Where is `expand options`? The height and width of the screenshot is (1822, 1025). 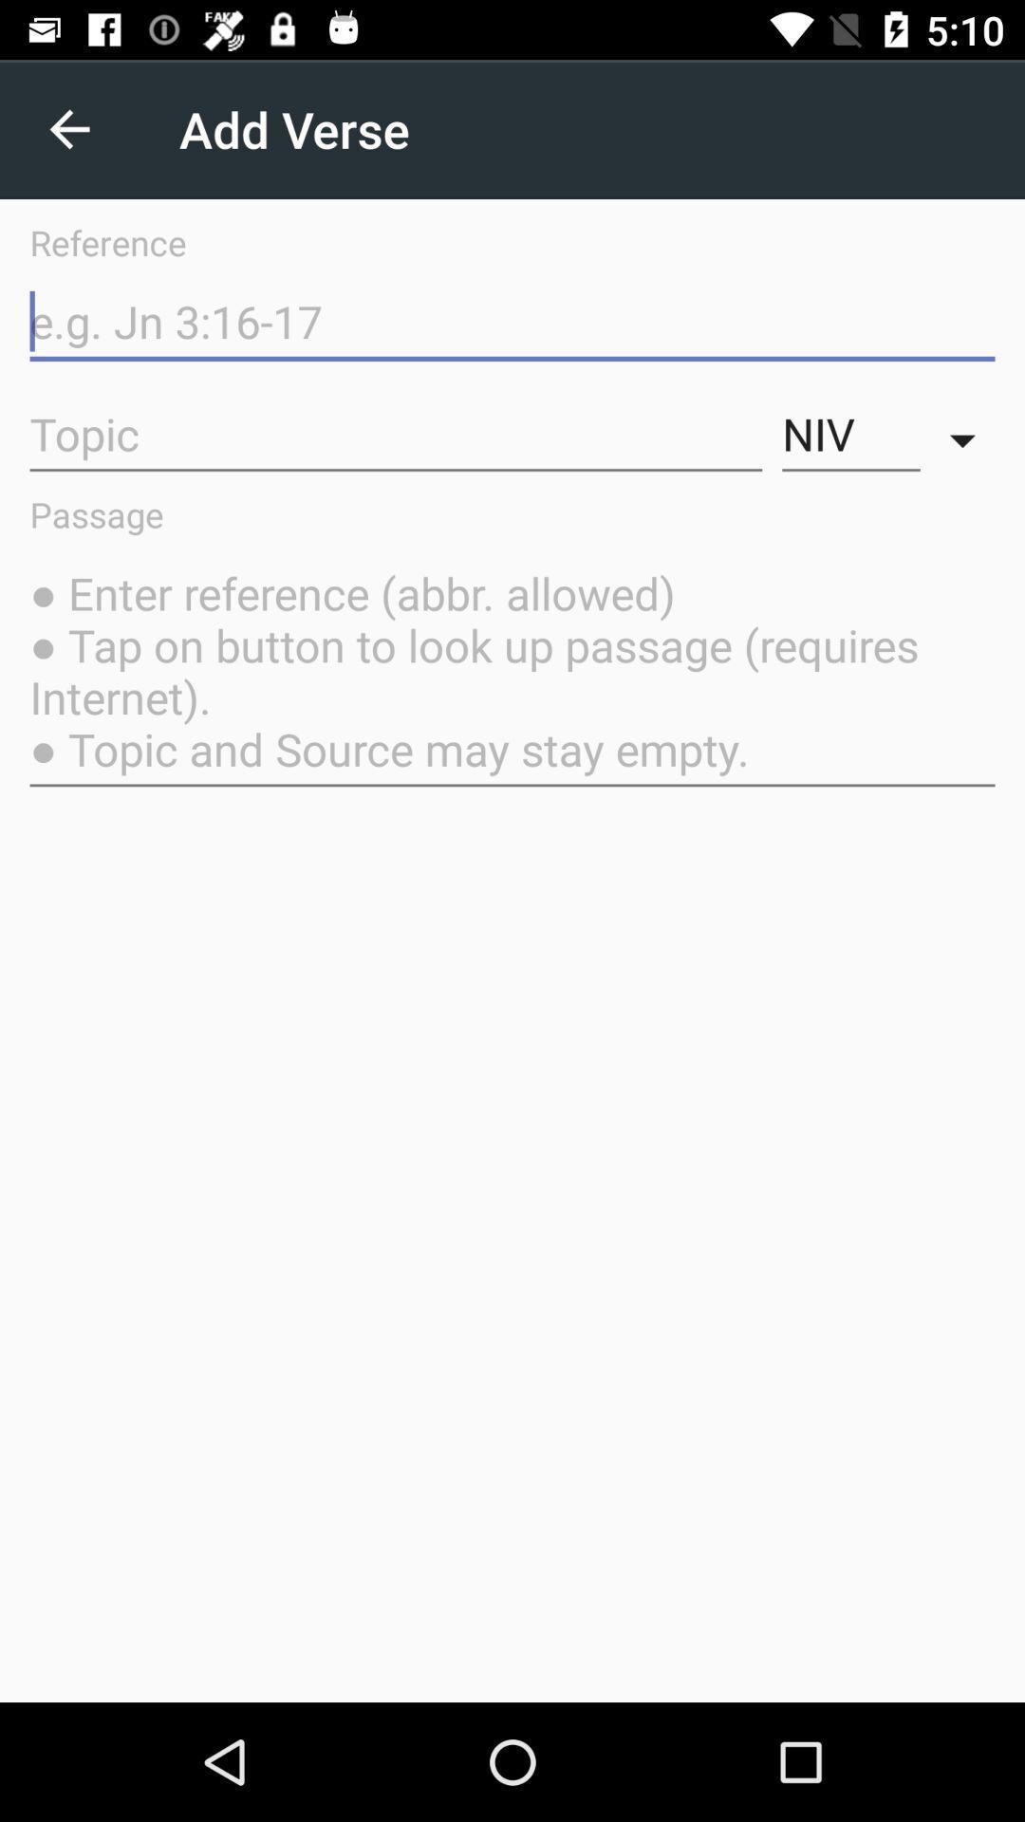
expand options is located at coordinates (967, 434).